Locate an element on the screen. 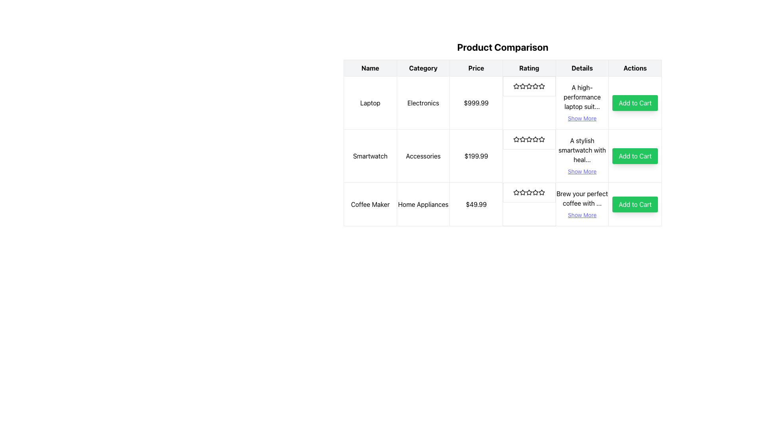  the fourth inactive rating star for the third product in the product comparison table, located in the 'Rating' column between 'Price' and 'Details' is located at coordinates (529, 192).